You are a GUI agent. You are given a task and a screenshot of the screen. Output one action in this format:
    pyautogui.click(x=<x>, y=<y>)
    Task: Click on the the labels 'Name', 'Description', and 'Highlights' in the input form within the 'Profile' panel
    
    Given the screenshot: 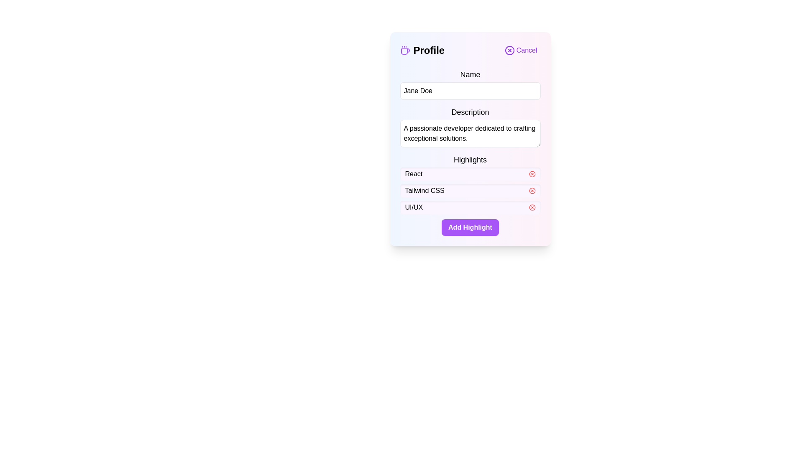 What is the action you would take?
    pyautogui.click(x=470, y=152)
    